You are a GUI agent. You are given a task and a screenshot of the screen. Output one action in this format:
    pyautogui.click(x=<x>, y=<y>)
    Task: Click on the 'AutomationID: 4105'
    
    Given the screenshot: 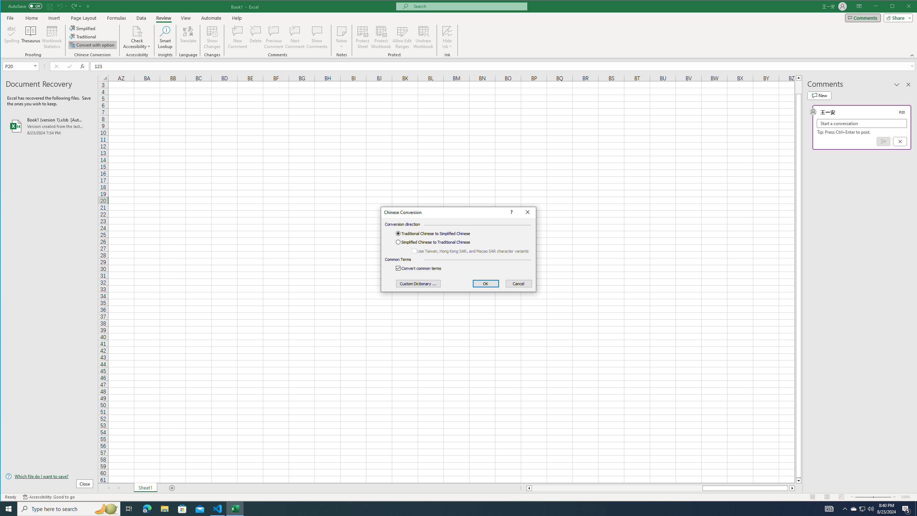 What is the action you would take?
    pyautogui.click(x=829, y=508)
    